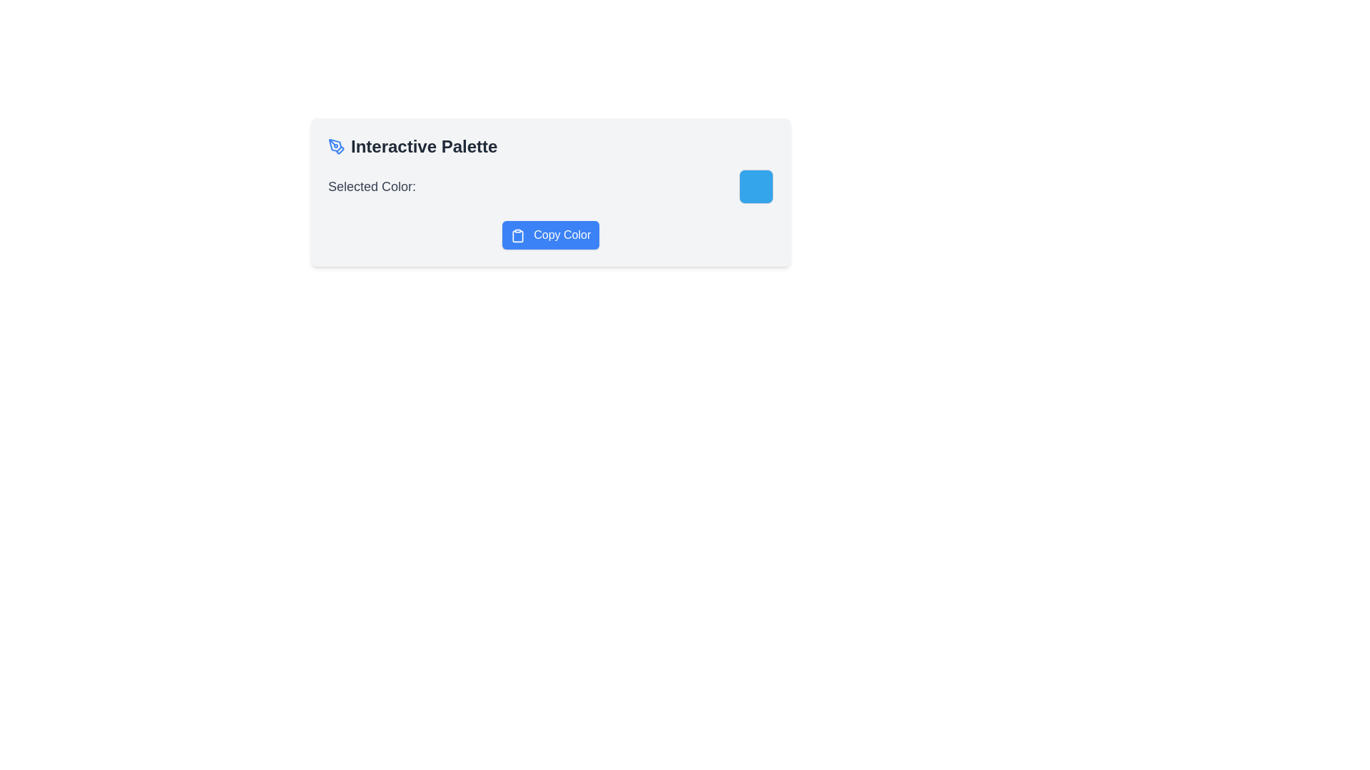  What do you see at coordinates (517, 235) in the screenshot?
I see `the 'Copy Color' icon located in the lower section of the 'Interactive Palette' interface` at bounding box center [517, 235].